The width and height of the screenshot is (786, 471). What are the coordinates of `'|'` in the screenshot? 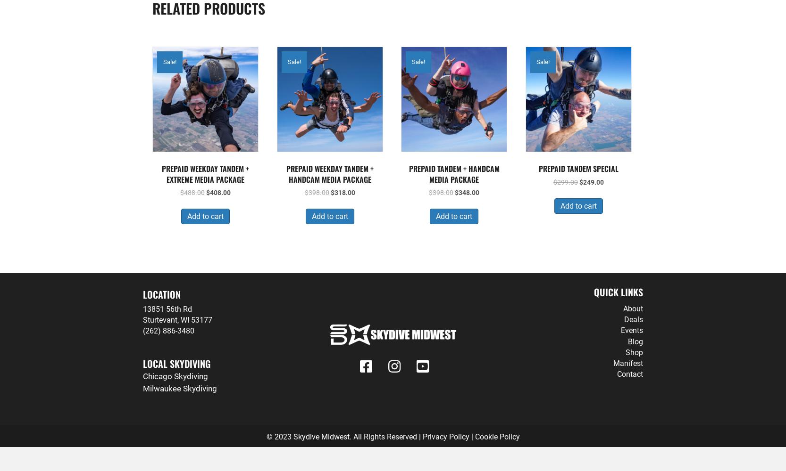 It's located at (471, 436).